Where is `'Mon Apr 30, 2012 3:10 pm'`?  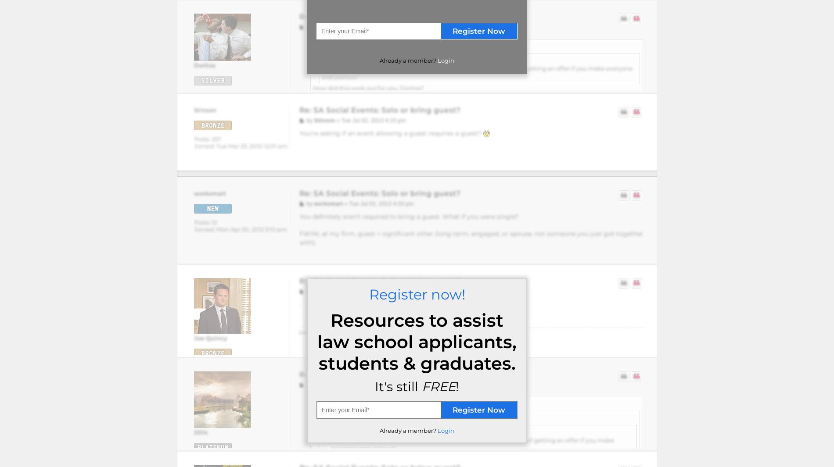
'Mon Apr 30, 2012 3:10 pm' is located at coordinates (251, 229).